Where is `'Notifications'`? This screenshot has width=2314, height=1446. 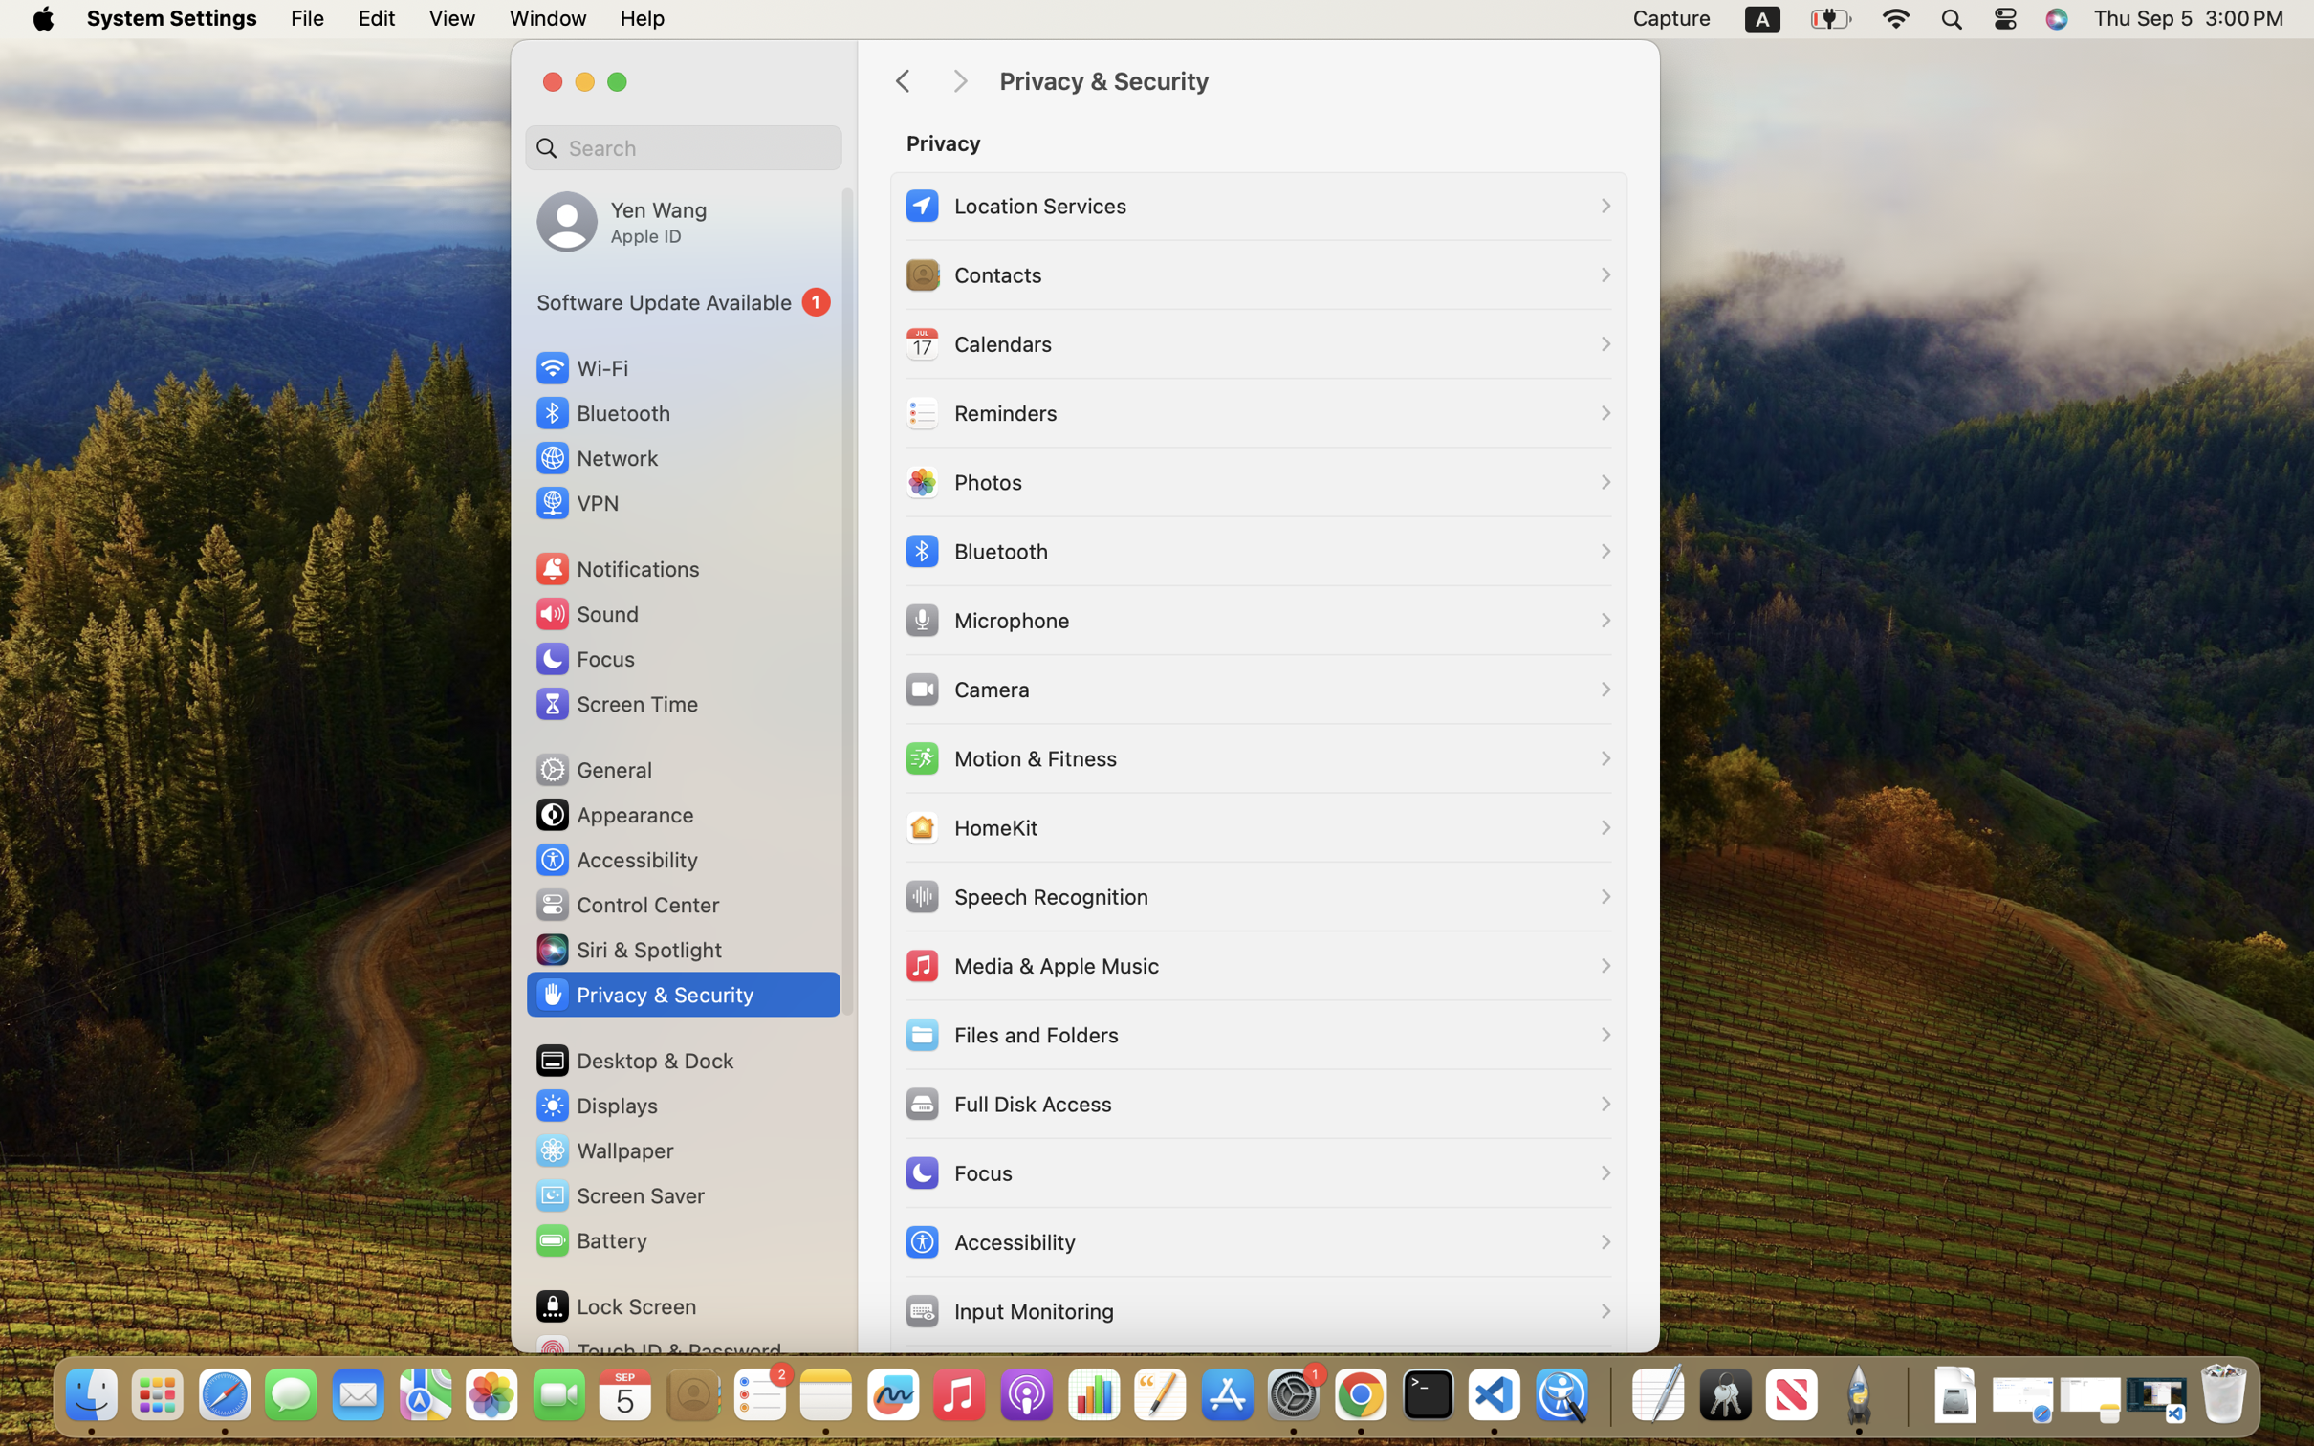 'Notifications' is located at coordinates (616, 567).